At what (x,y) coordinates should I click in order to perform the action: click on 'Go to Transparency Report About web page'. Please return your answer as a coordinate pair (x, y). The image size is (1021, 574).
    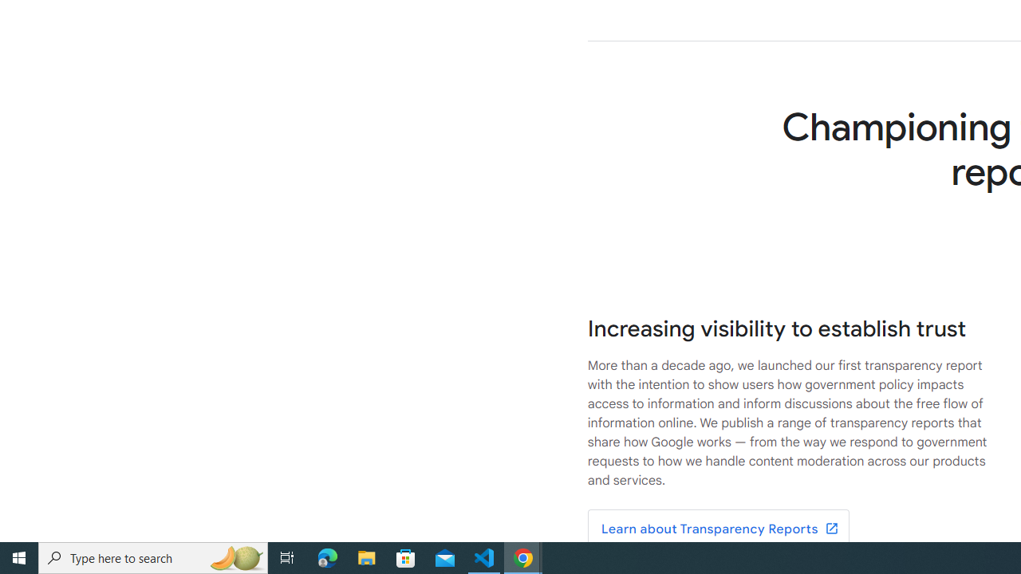
    Looking at the image, I should click on (717, 529).